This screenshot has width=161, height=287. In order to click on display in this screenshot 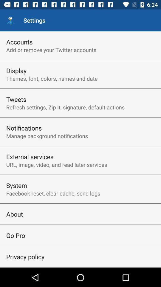, I will do `click(16, 71)`.